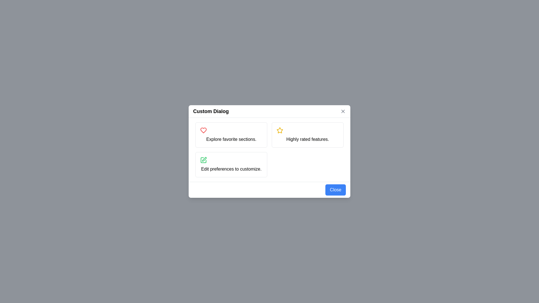  I want to click on the SVG graphic of a heart icon with a red stroke, located above the text 'Explore favorite sections' in the top-left card of the grid layout, so click(203, 130).